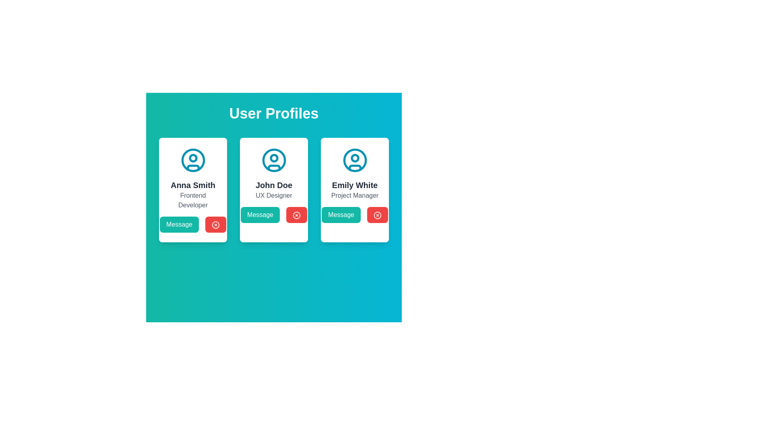 The image size is (773, 434). I want to click on text label displaying 'John Doe' which is positioned above the text 'UX Designer' and below a graphical user avatar in the center card of a three-card layout, so click(274, 185).